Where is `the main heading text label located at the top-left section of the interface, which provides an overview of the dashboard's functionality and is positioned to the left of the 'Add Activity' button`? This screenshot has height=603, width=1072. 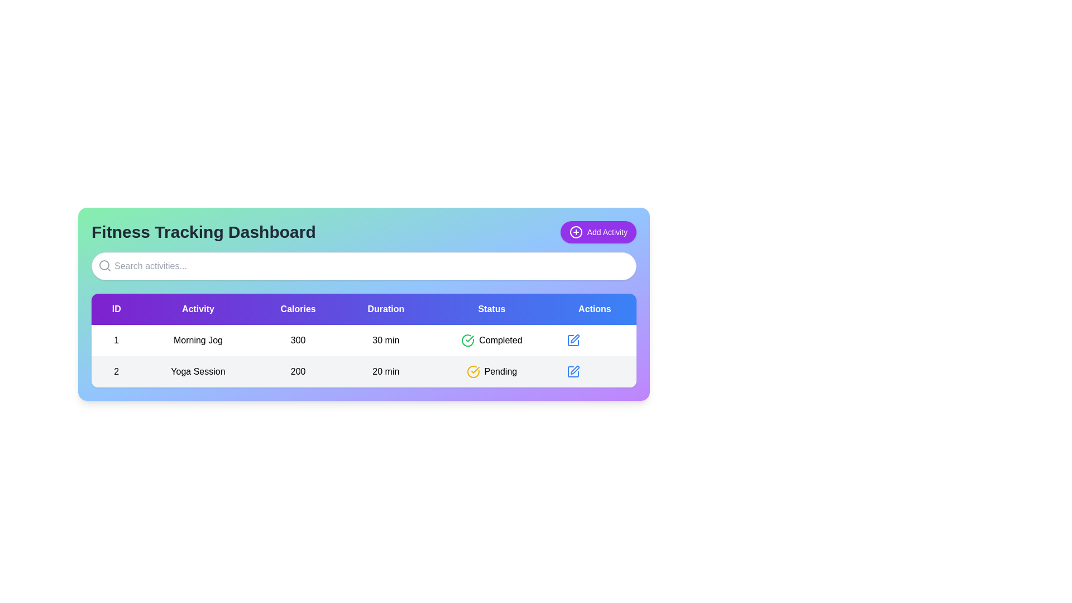 the main heading text label located at the top-left section of the interface, which provides an overview of the dashboard's functionality and is positioned to the left of the 'Add Activity' button is located at coordinates (203, 232).